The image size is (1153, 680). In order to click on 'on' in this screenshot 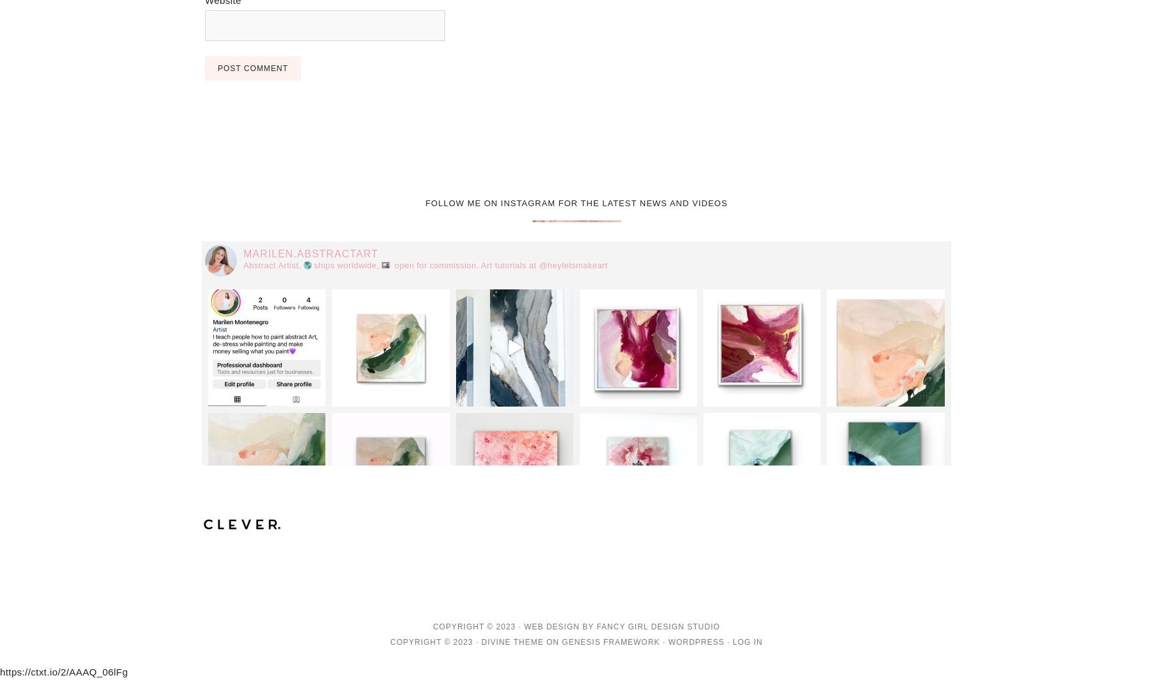, I will do `click(552, 640)`.